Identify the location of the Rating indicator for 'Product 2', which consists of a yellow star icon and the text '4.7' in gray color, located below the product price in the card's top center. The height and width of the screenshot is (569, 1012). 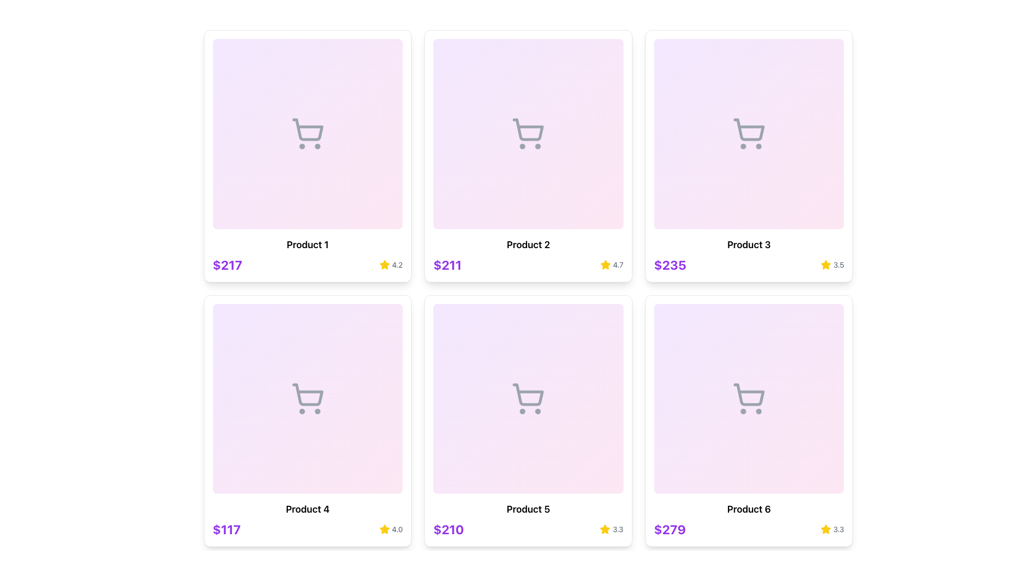
(612, 264).